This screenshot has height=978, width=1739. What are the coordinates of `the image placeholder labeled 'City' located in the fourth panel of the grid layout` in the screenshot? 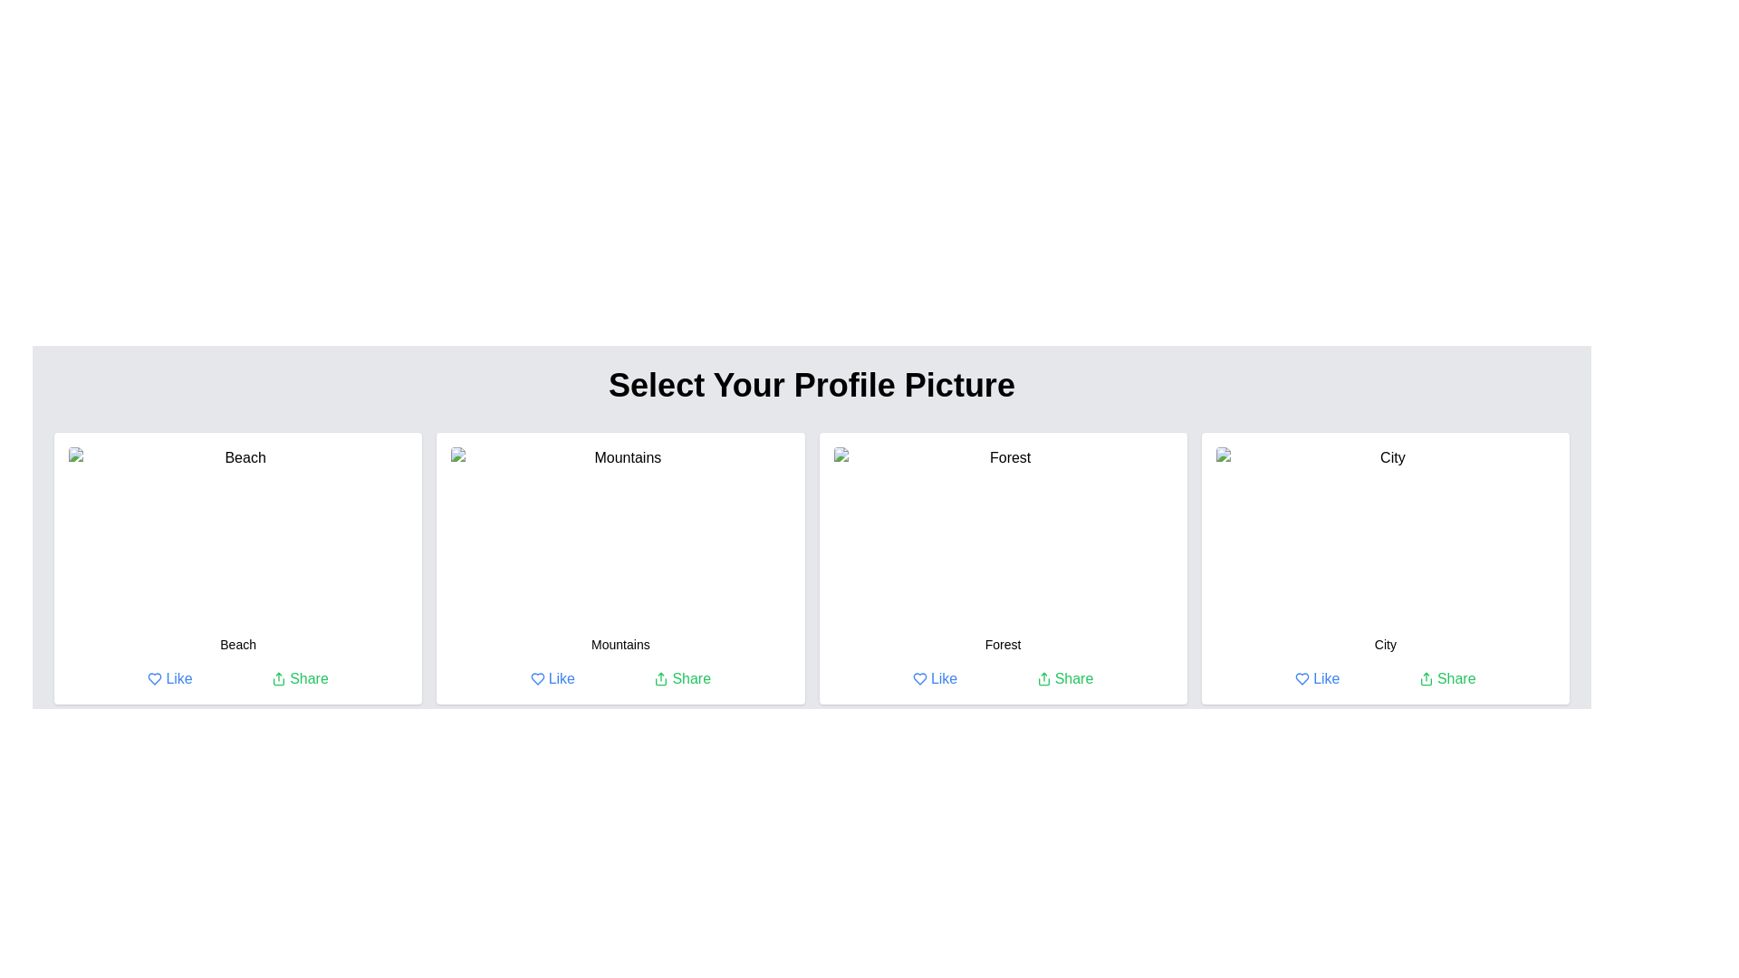 It's located at (1384, 533).